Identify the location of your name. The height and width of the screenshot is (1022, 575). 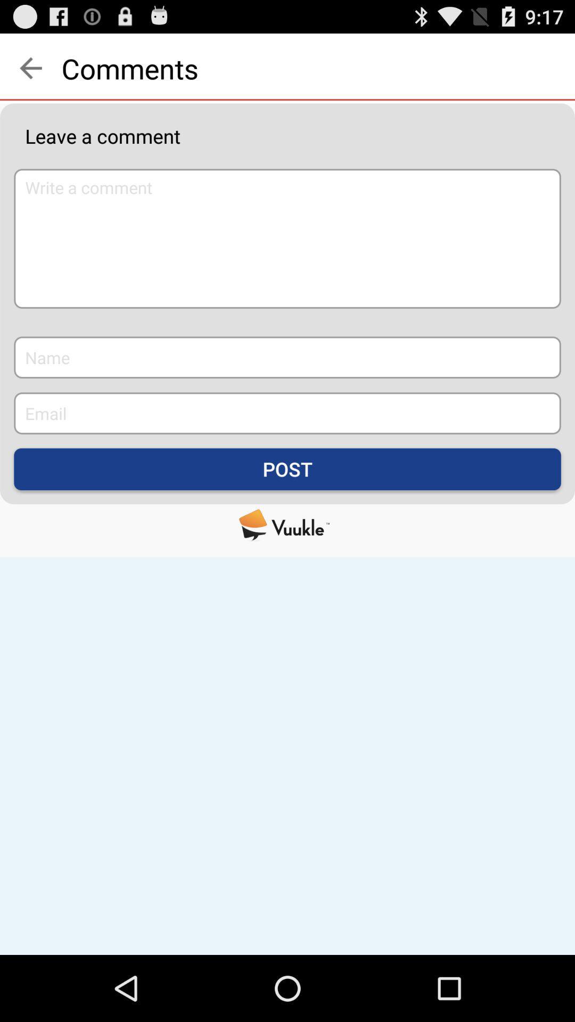
(287, 357).